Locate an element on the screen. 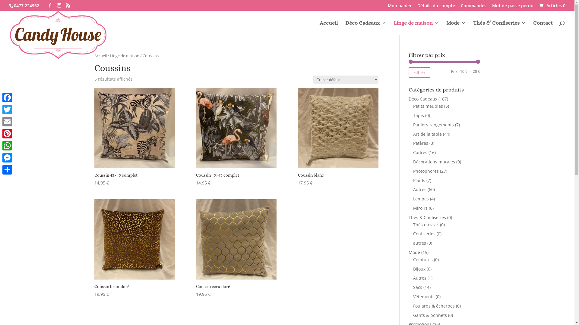 This screenshot has width=579, height=325. 'Mon panier' is located at coordinates (400, 7).